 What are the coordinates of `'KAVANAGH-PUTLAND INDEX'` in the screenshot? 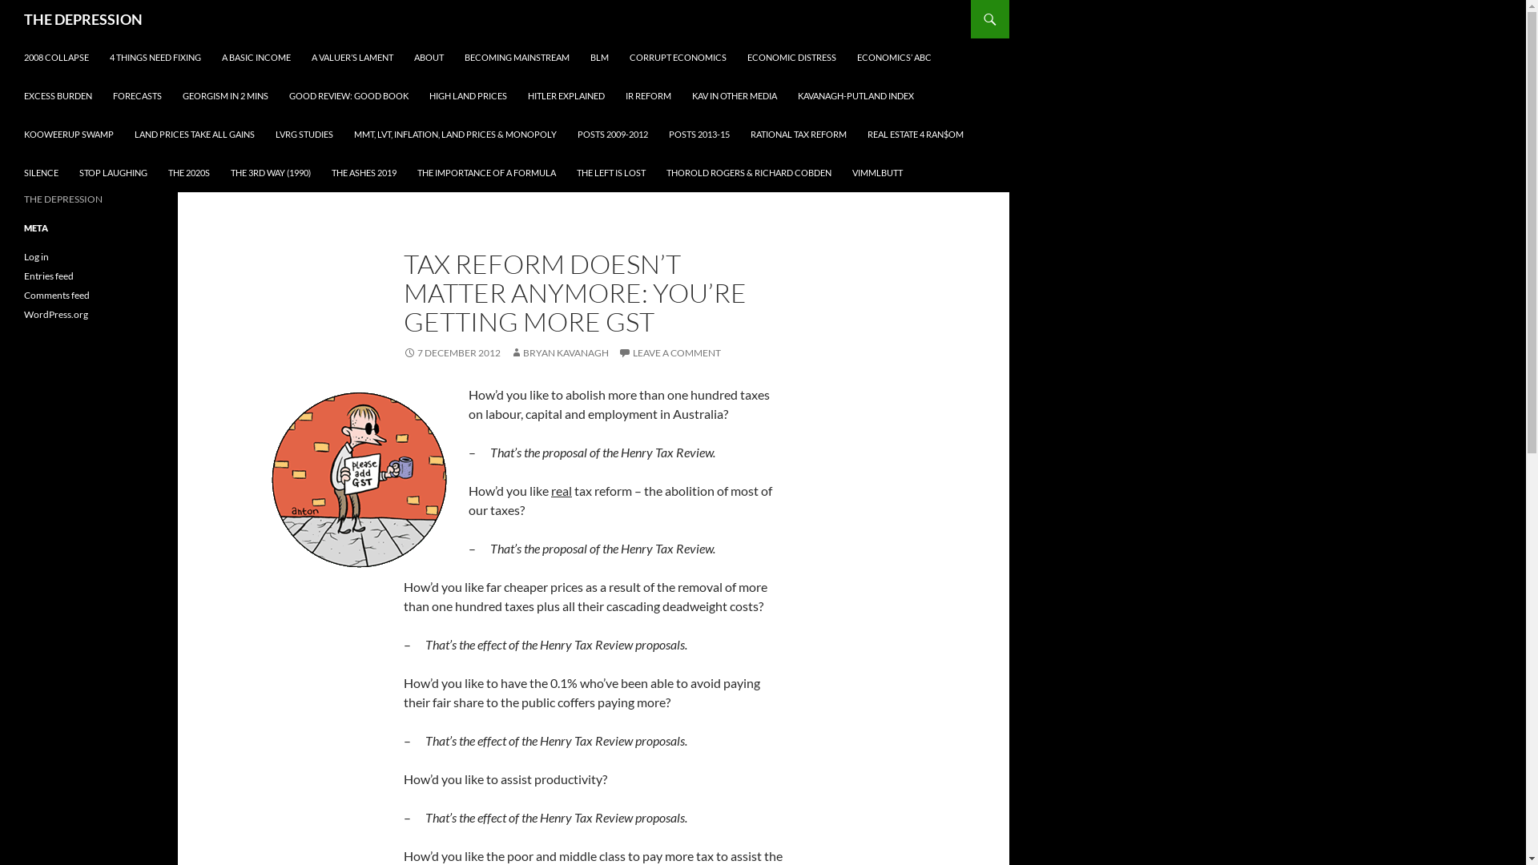 It's located at (855, 95).